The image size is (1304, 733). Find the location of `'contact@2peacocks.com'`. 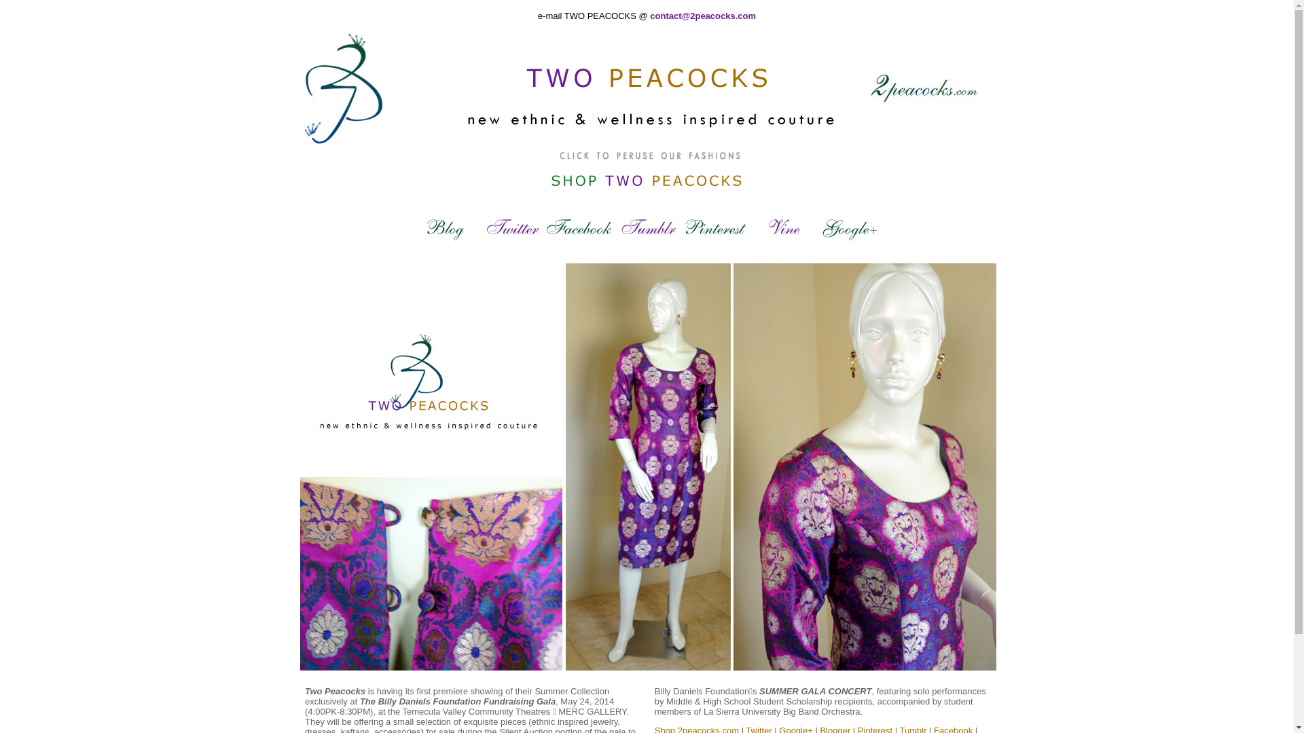

'contact@2peacocks.com' is located at coordinates (703, 16).